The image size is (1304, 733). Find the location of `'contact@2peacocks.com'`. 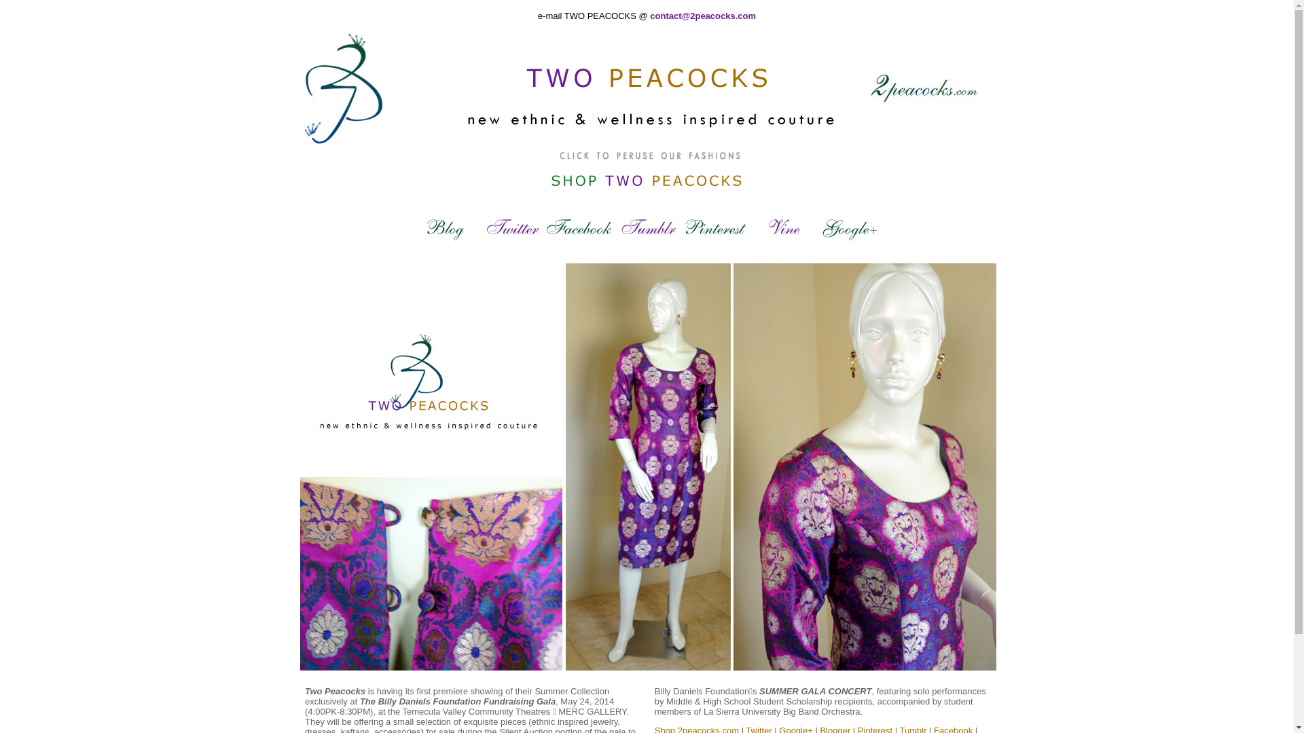

'contact@2peacocks.com' is located at coordinates (703, 16).